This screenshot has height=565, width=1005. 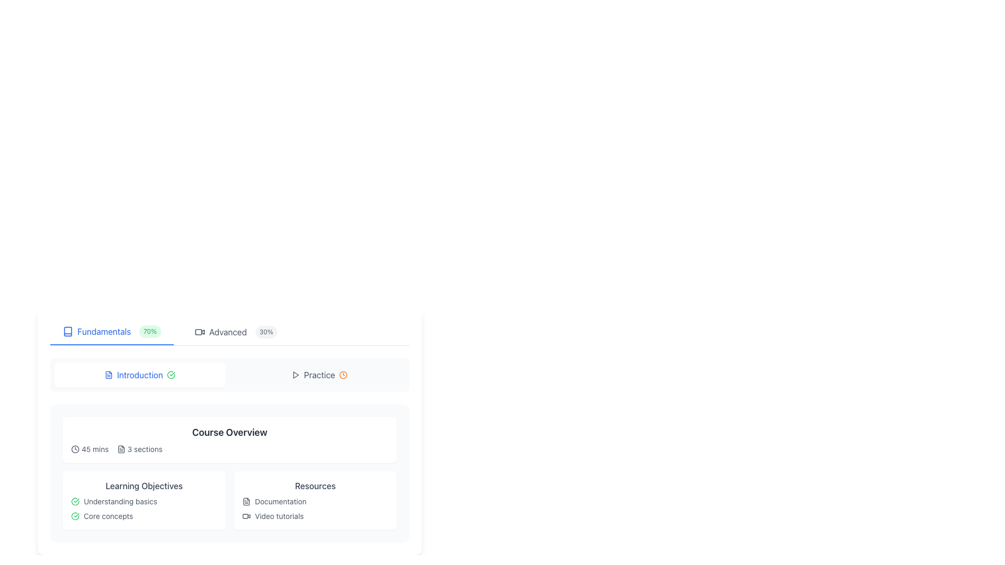 What do you see at coordinates (75, 516) in the screenshot?
I see `the green checkmark icon in the 'Core concepts' row, which indicates completion or approval` at bounding box center [75, 516].